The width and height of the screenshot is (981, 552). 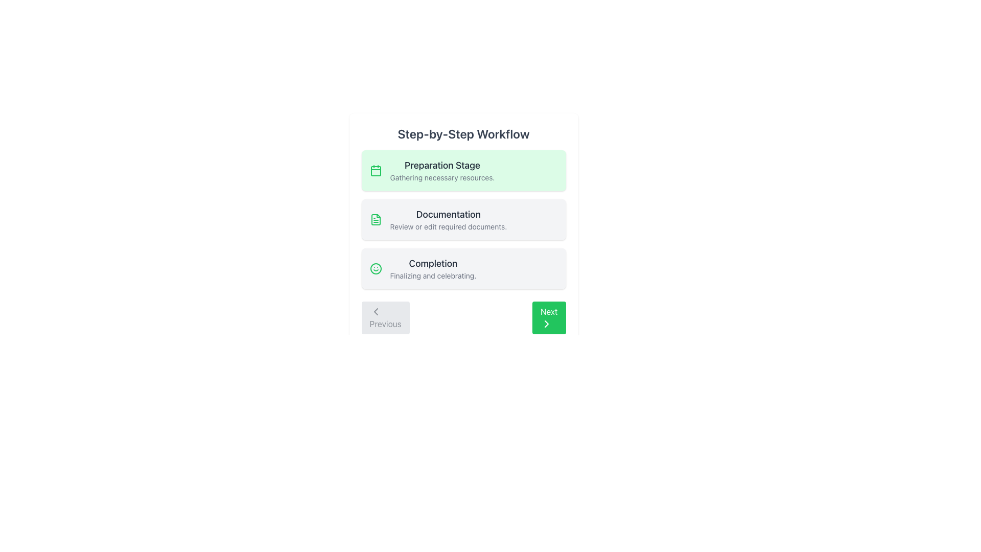 What do you see at coordinates (442, 177) in the screenshot?
I see `the information provided by the text label located directly under the 'Preparation Stage' in the workflow interface` at bounding box center [442, 177].